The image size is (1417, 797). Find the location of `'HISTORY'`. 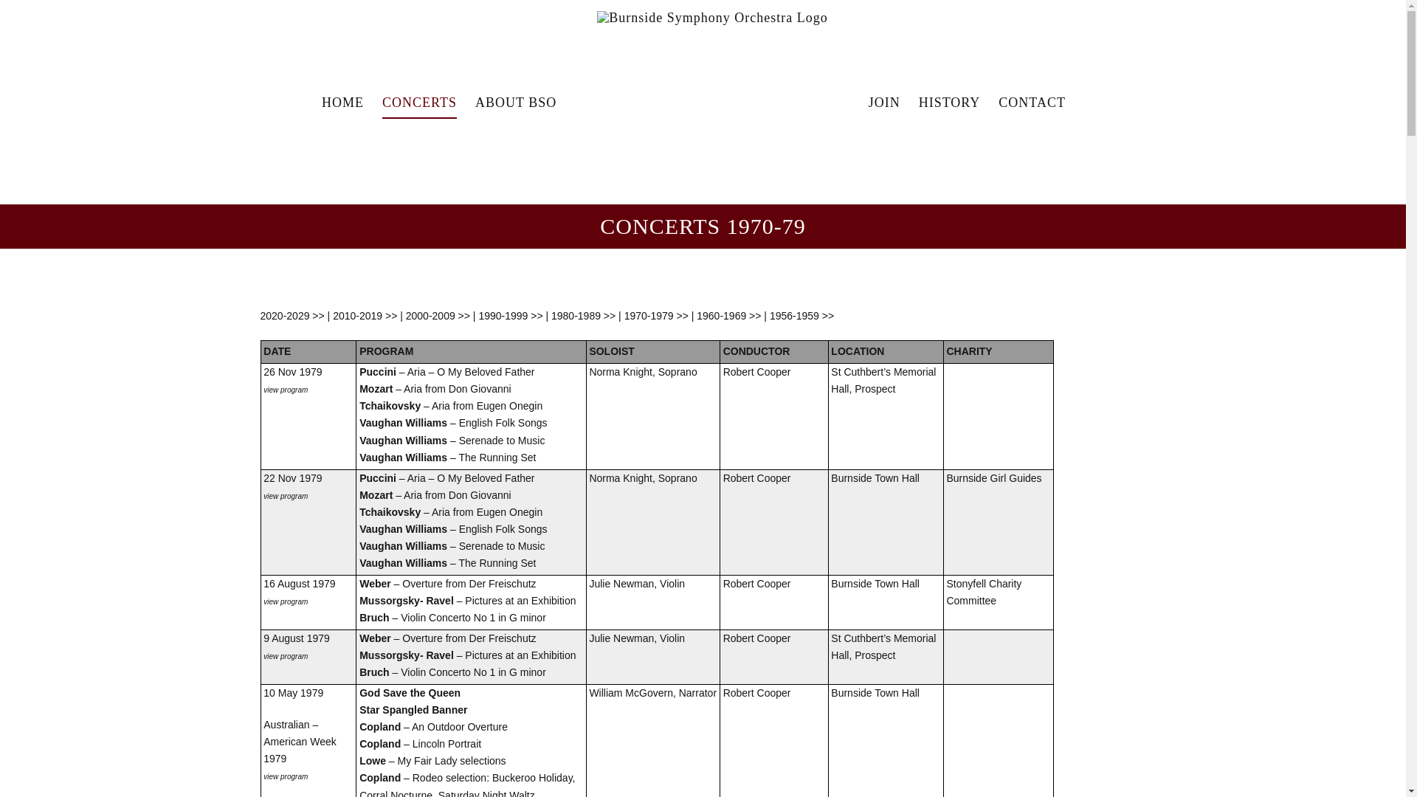

'HISTORY' is located at coordinates (949, 101).